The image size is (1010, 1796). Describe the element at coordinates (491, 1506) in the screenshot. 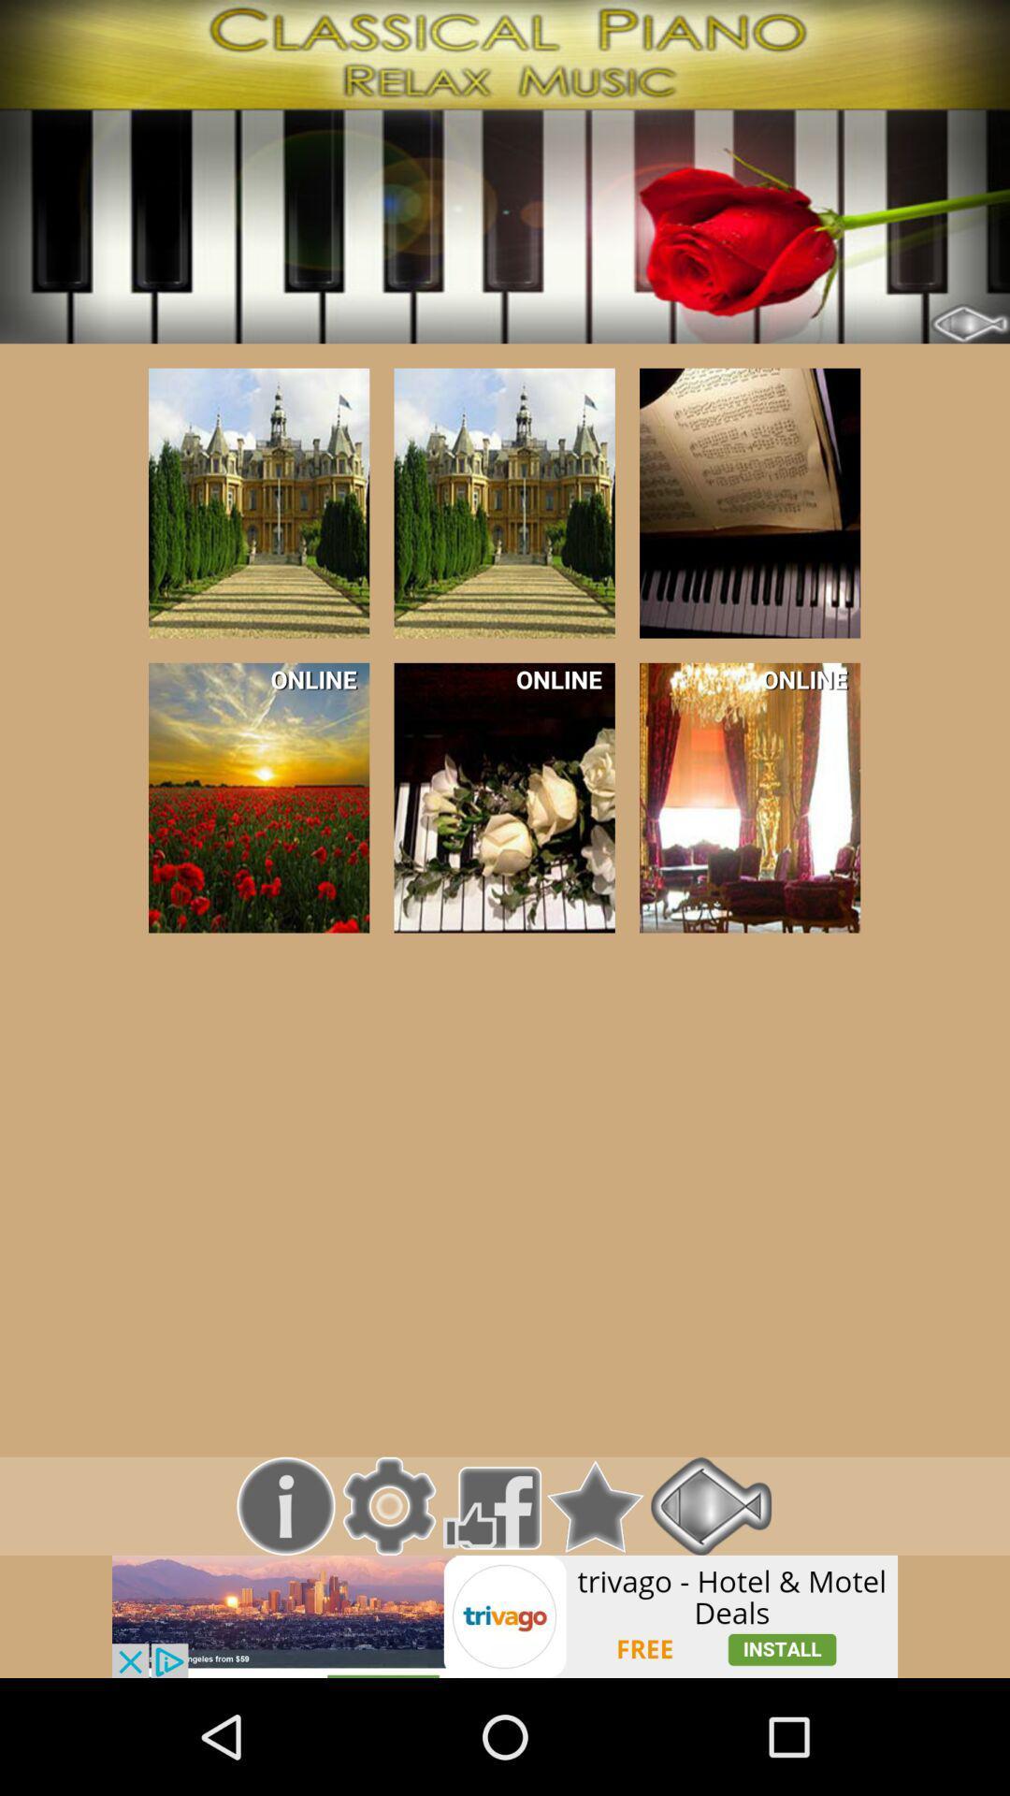

I see `click facebook option` at that location.